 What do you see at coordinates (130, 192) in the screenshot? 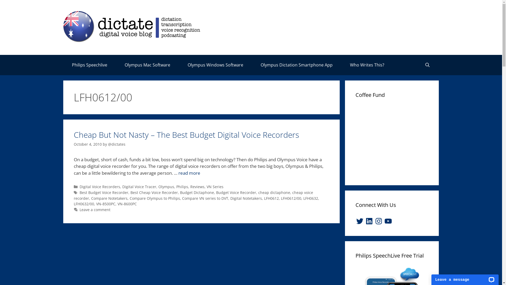
I see `'Best Cheap Voice Recorder'` at bounding box center [130, 192].